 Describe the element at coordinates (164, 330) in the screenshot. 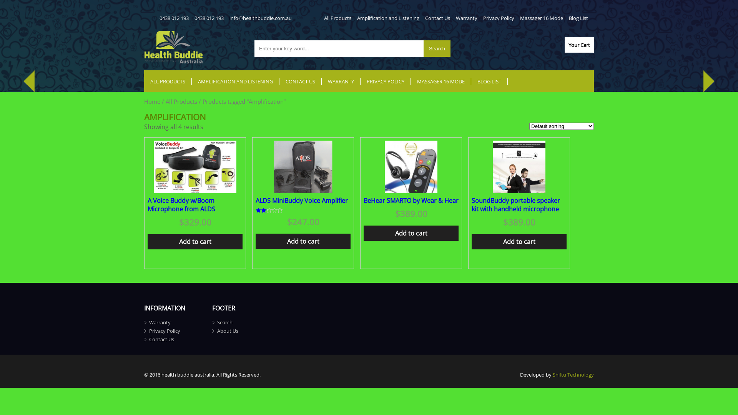

I see `'Privacy Policy'` at that location.